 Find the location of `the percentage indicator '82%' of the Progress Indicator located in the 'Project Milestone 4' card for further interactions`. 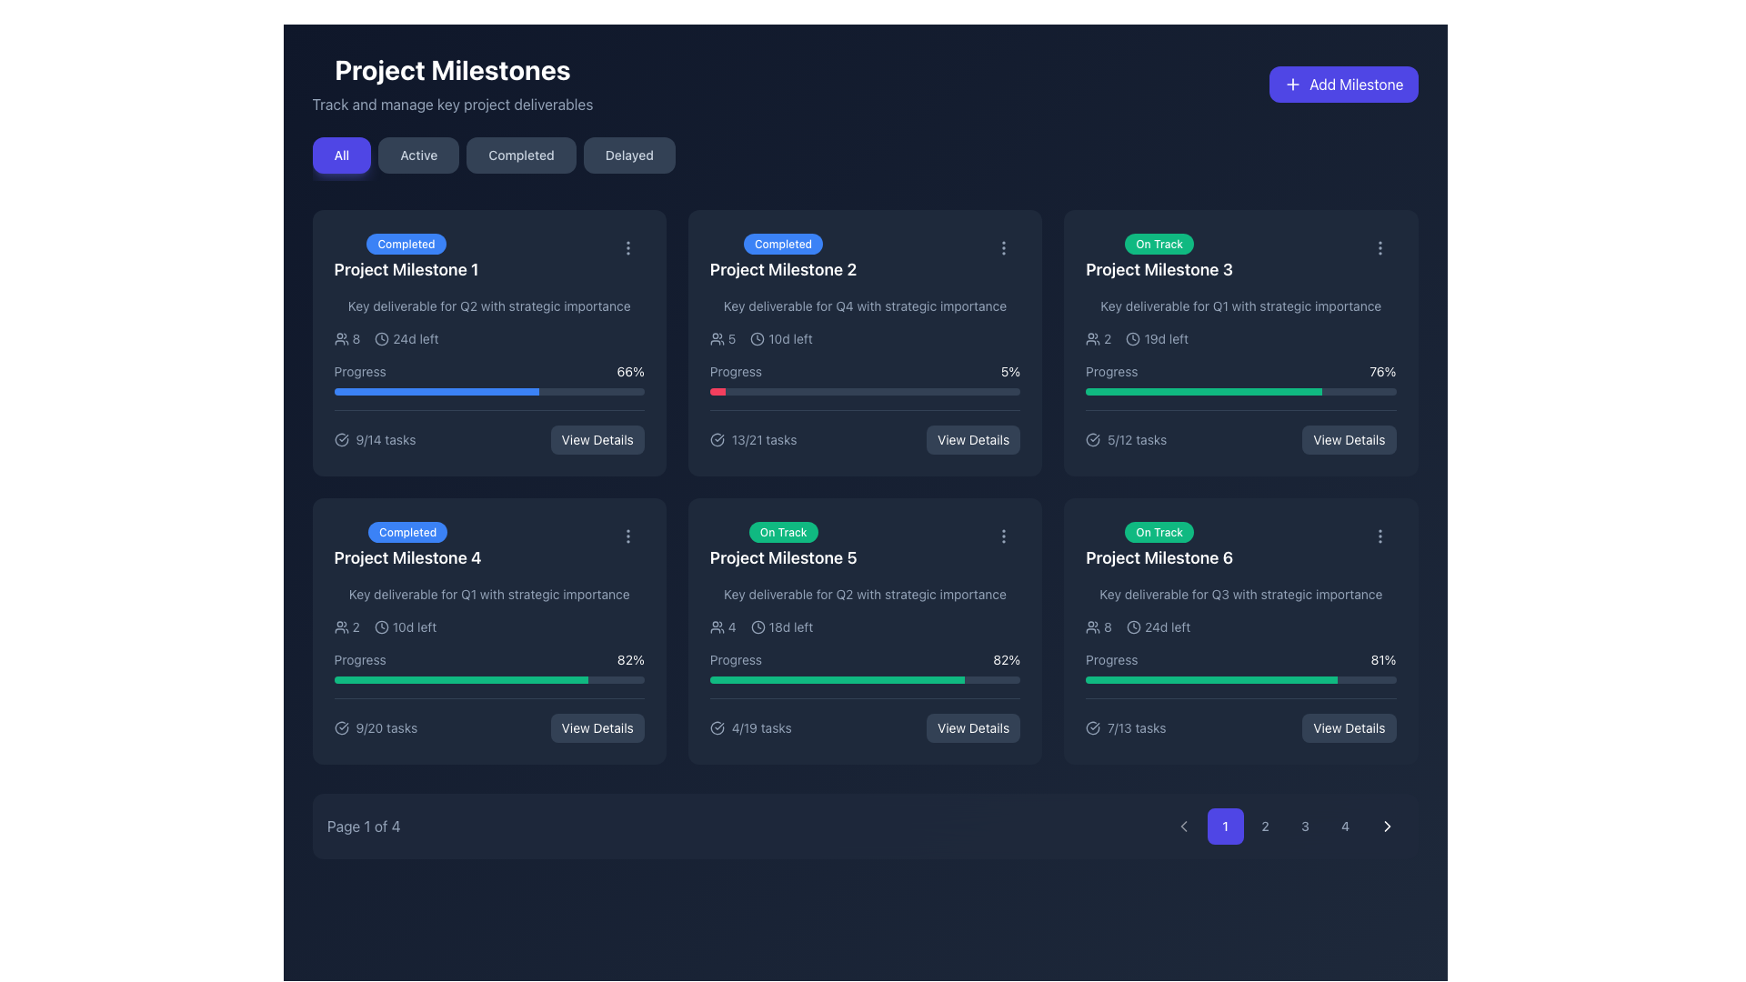

the percentage indicator '82%' of the Progress Indicator located in the 'Project Milestone 4' card for further interactions is located at coordinates (489, 666).